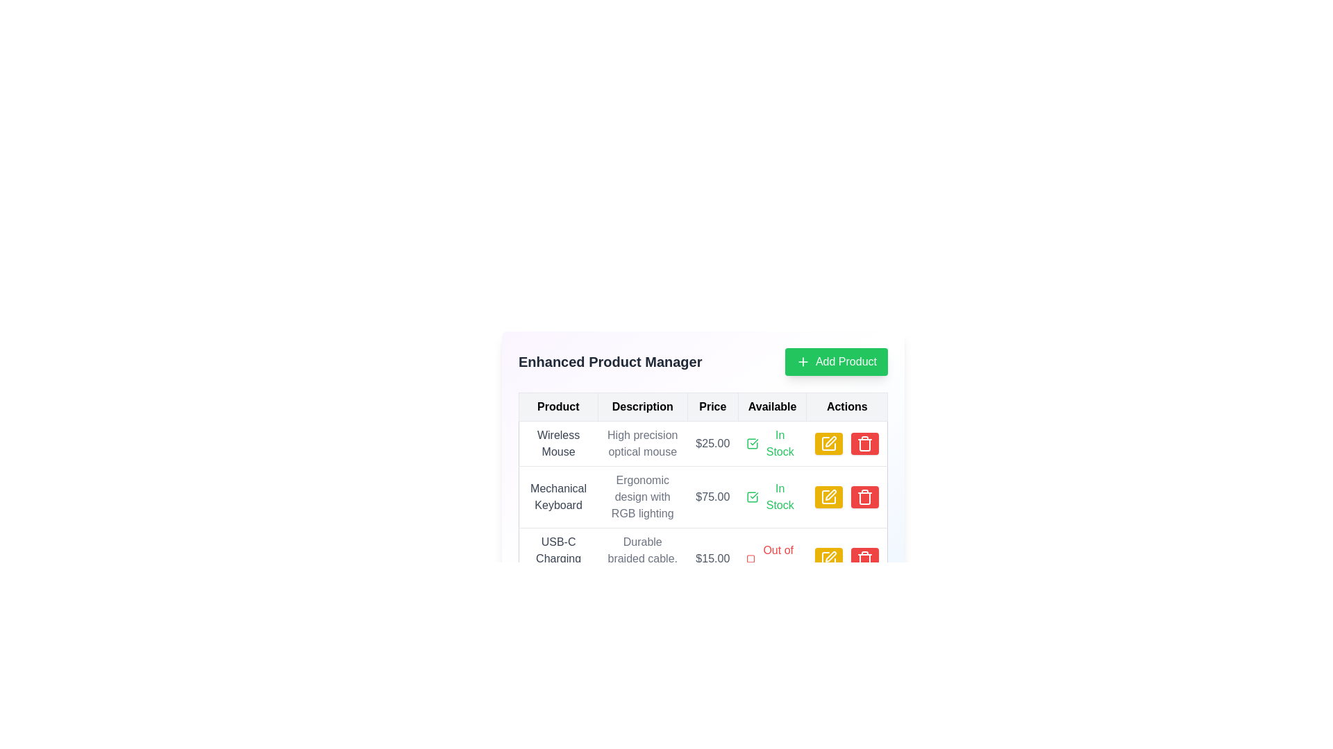 This screenshot has width=1333, height=749. I want to click on the button with a trash can icon on a red background, so click(864, 444).